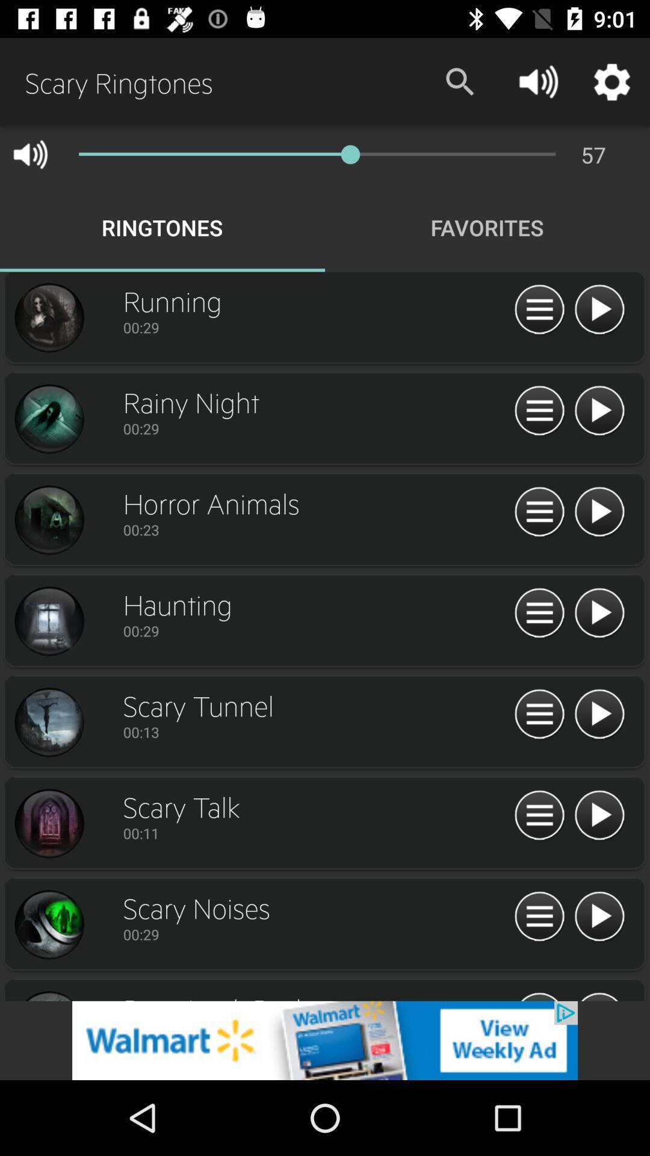 This screenshot has width=650, height=1156. What do you see at coordinates (599, 614) in the screenshot?
I see `switch play button` at bounding box center [599, 614].